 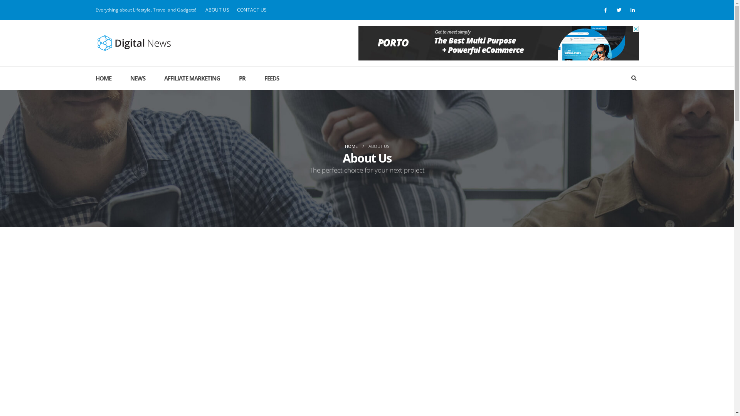 I want to click on 'Facebook', so click(x=605, y=10).